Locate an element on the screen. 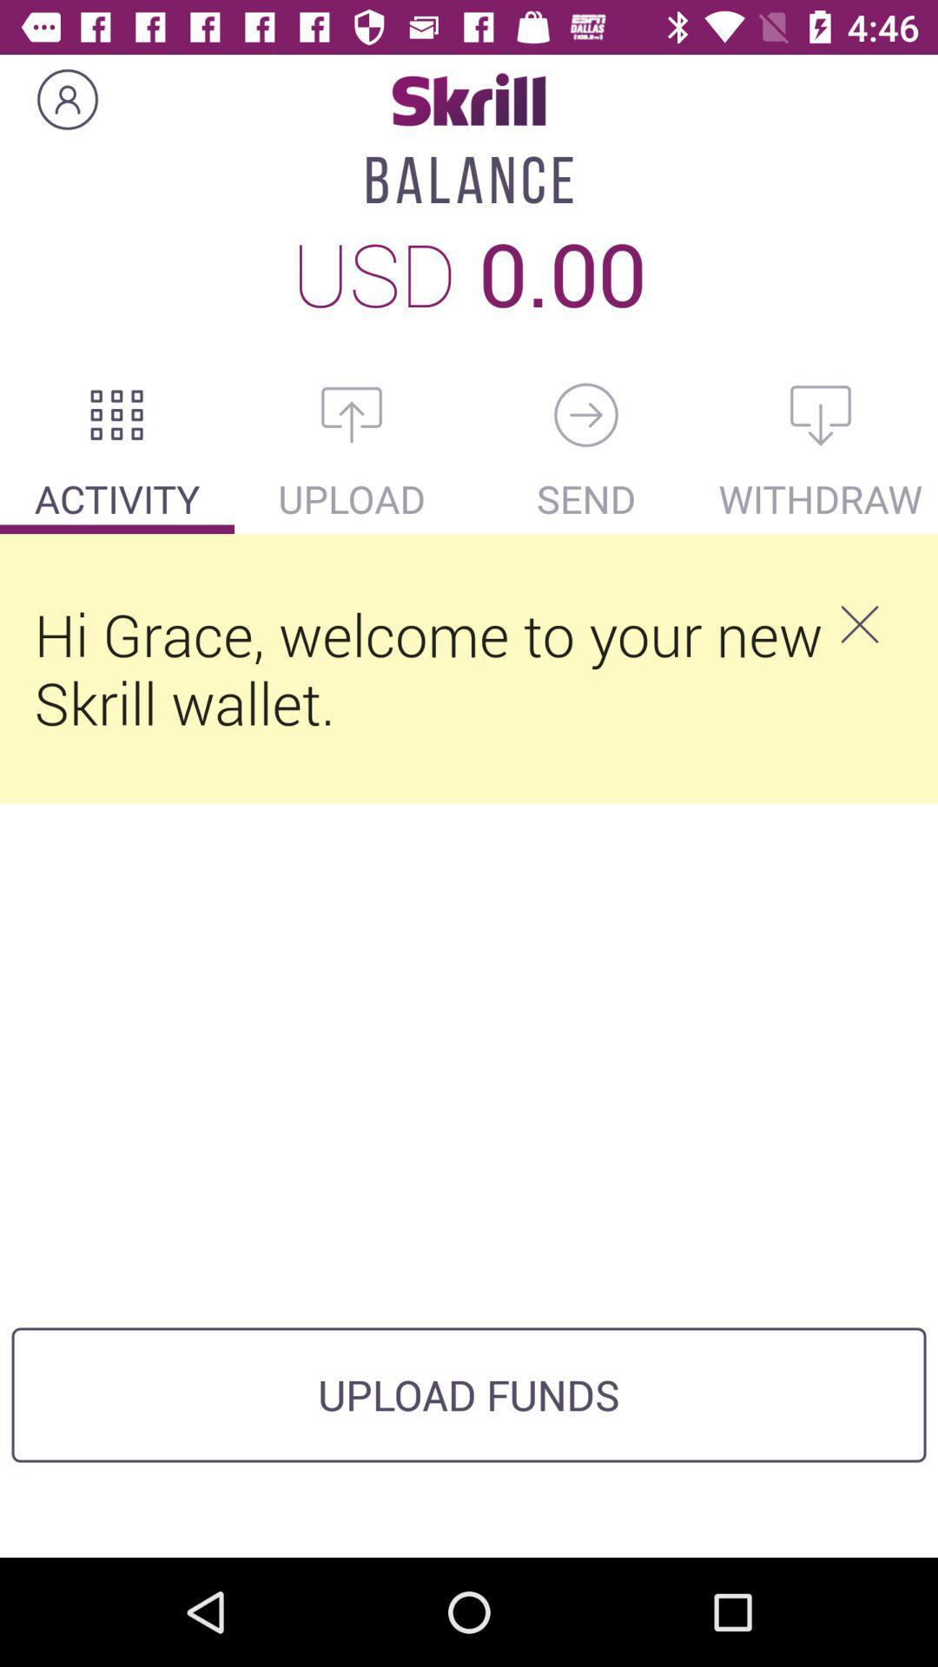 The width and height of the screenshot is (938, 1667). upload something is located at coordinates (352, 414).